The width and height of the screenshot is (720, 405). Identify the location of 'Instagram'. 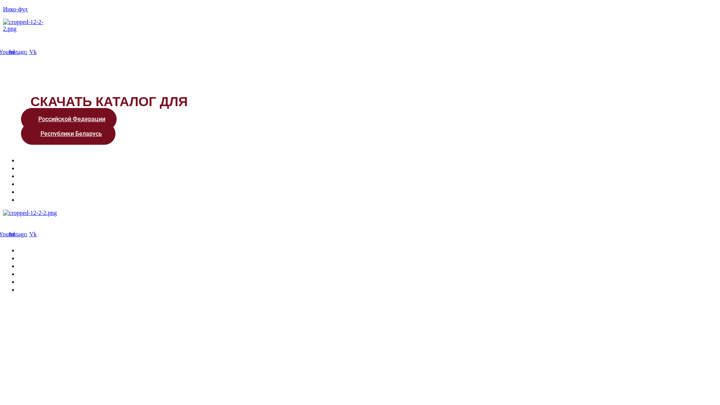
(21, 234).